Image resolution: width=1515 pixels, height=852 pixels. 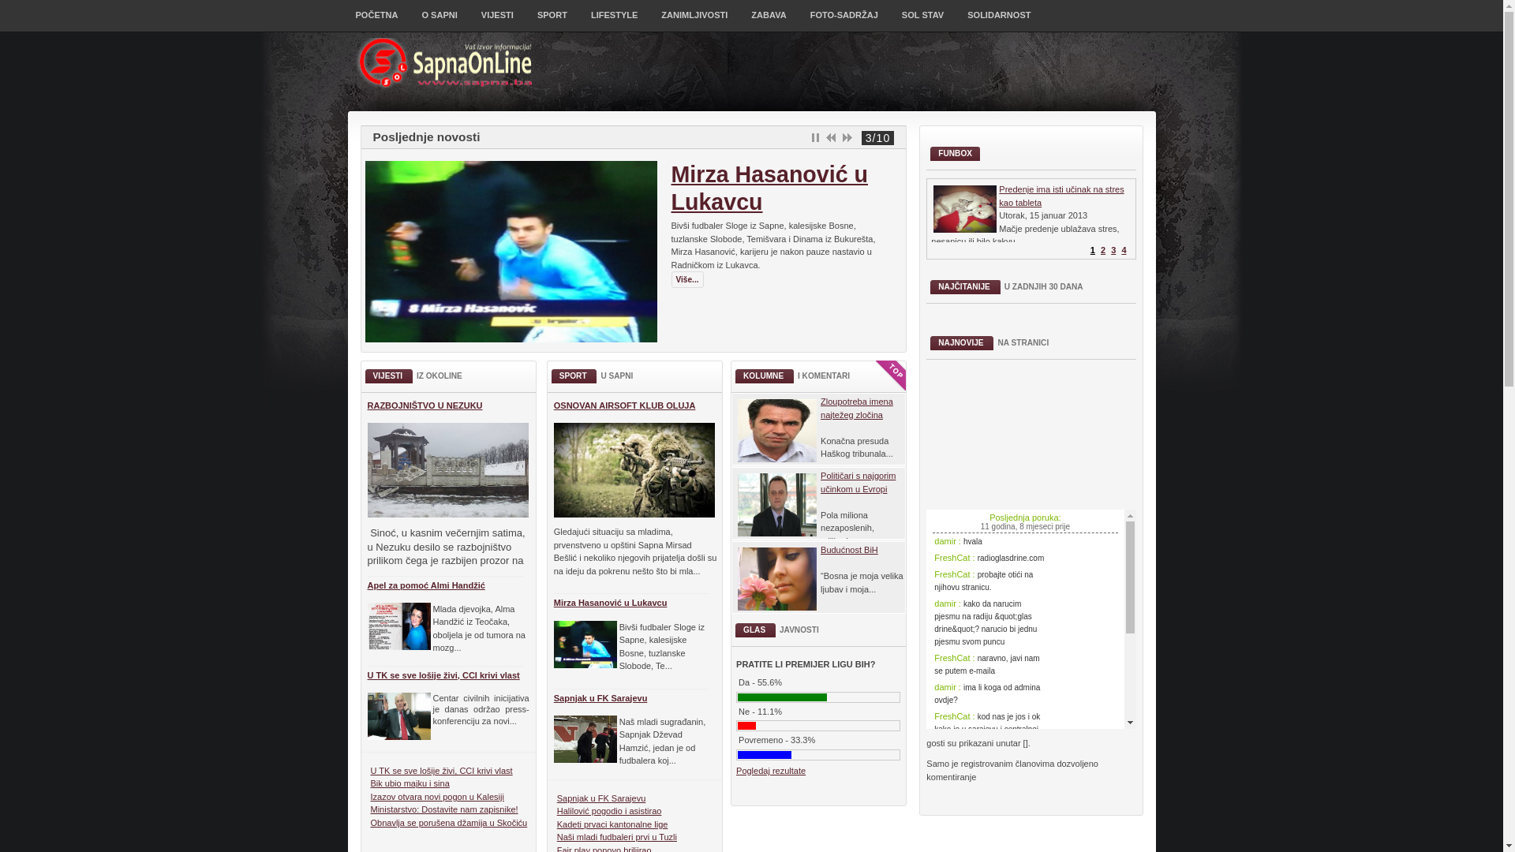 I want to click on 'SapnaOnLine', so click(x=354, y=62).